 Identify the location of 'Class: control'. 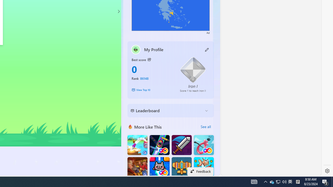
(118, 11).